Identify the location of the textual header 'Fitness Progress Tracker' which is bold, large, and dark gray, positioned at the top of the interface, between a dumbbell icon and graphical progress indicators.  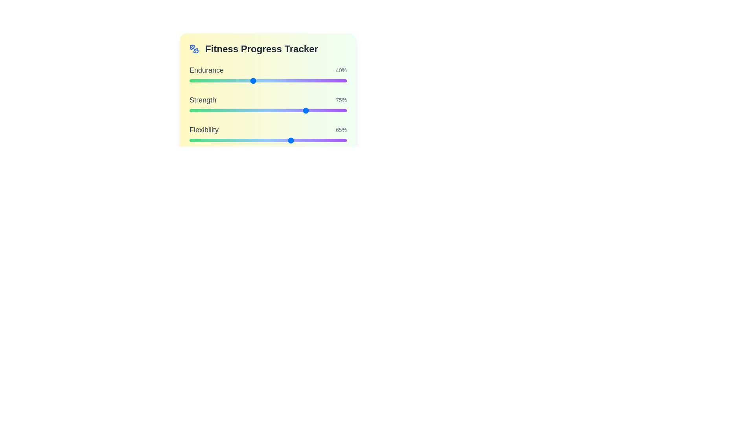
(261, 49).